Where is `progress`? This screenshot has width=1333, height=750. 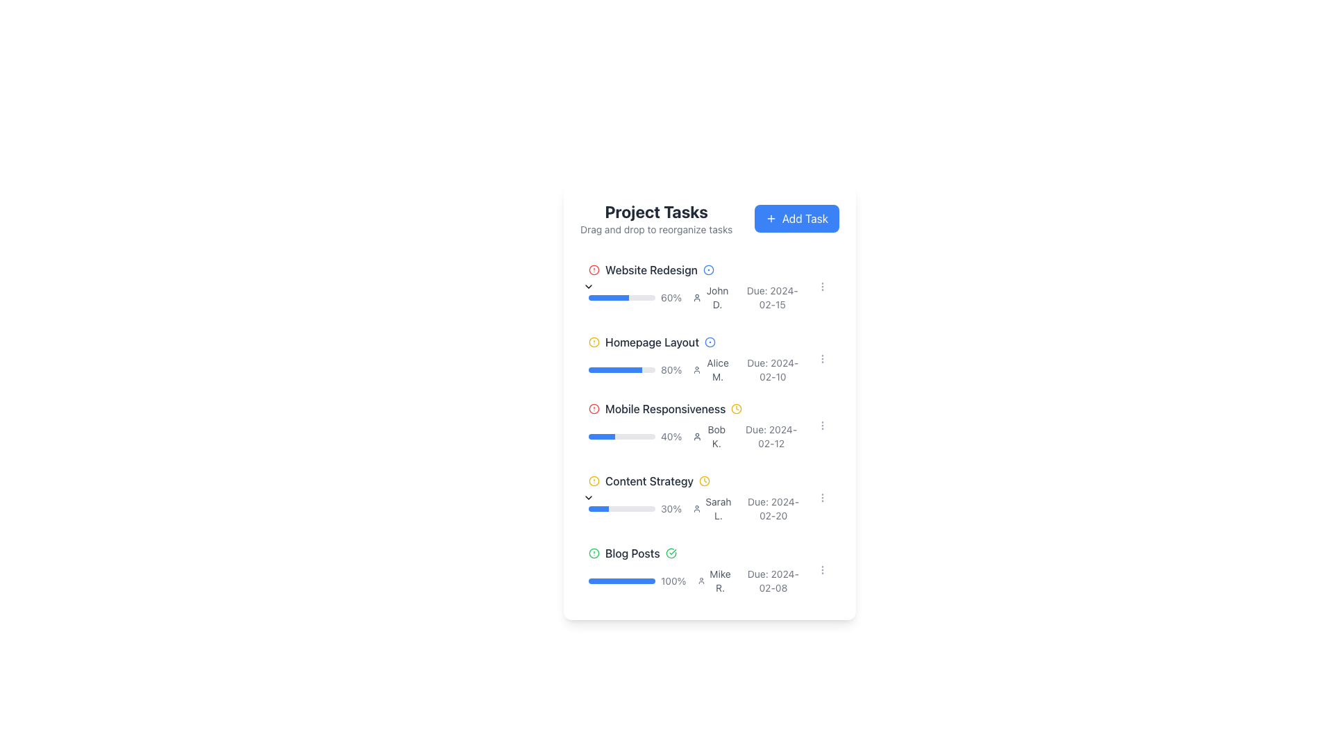 progress is located at coordinates (608, 435).